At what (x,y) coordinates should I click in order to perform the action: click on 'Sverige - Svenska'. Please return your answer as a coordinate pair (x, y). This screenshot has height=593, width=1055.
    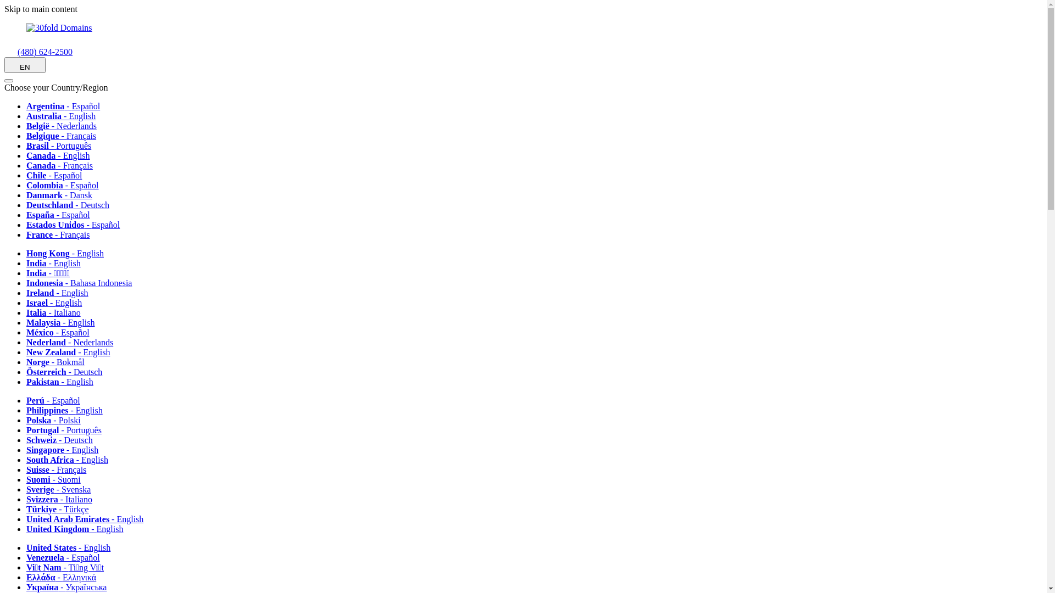
    Looking at the image, I should click on (62, 489).